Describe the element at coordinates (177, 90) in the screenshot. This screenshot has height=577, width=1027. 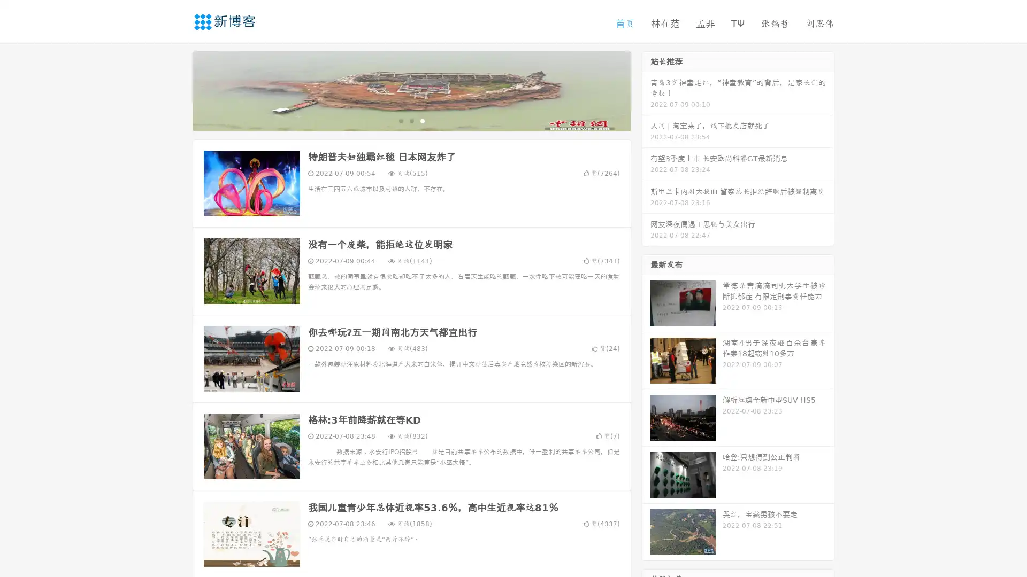
I see `Previous slide` at that location.